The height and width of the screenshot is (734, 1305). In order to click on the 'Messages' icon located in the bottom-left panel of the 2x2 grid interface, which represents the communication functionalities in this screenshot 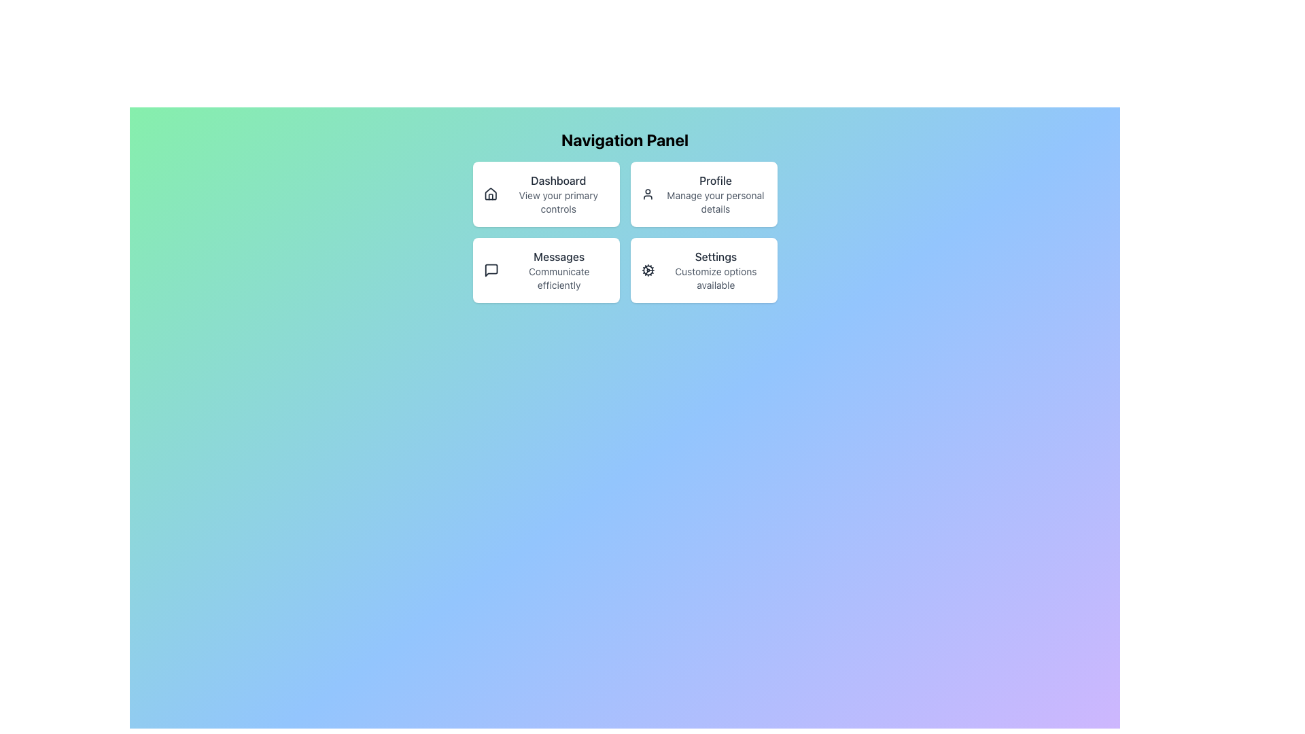, I will do `click(490, 270)`.